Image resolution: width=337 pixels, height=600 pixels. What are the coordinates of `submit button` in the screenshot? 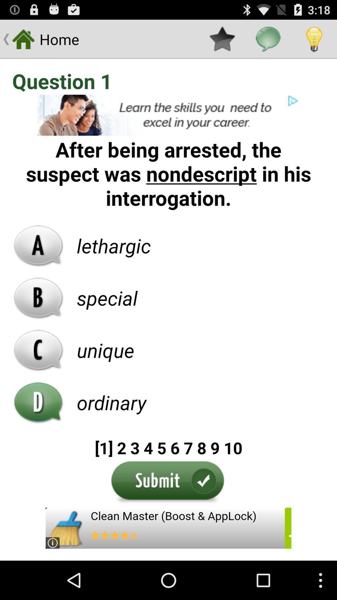 It's located at (168, 482).